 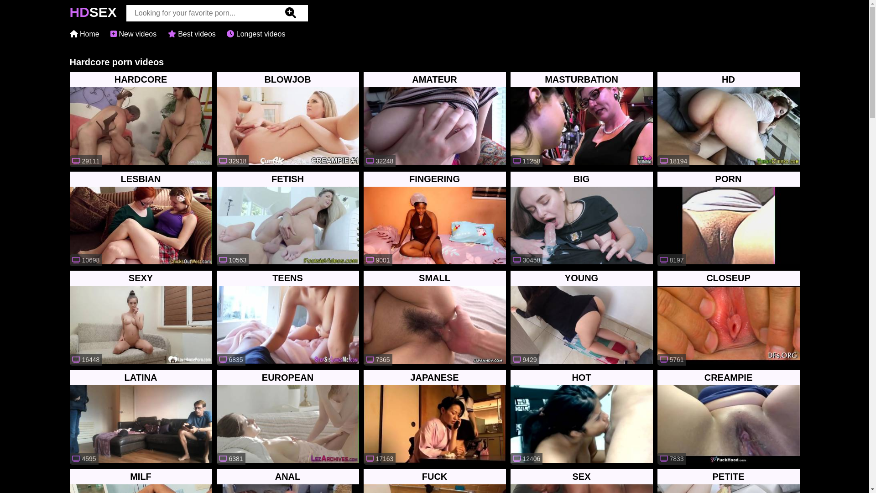 What do you see at coordinates (133, 33) in the screenshot?
I see `'New videos'` at bounding box center [133, 33].